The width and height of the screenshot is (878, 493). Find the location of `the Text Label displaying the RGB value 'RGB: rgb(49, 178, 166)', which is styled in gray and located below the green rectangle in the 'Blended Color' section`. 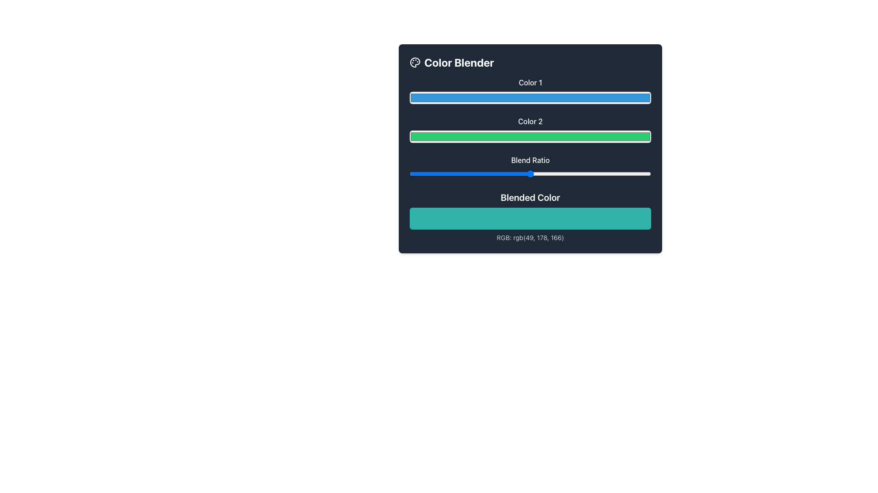

the Text Label displaying the RGB value 'RGB: rgb(49, 178, 166)', which is styled in gray and located below the green rectangle in the 'Blended Color' section is located at coordinates (530, 237).